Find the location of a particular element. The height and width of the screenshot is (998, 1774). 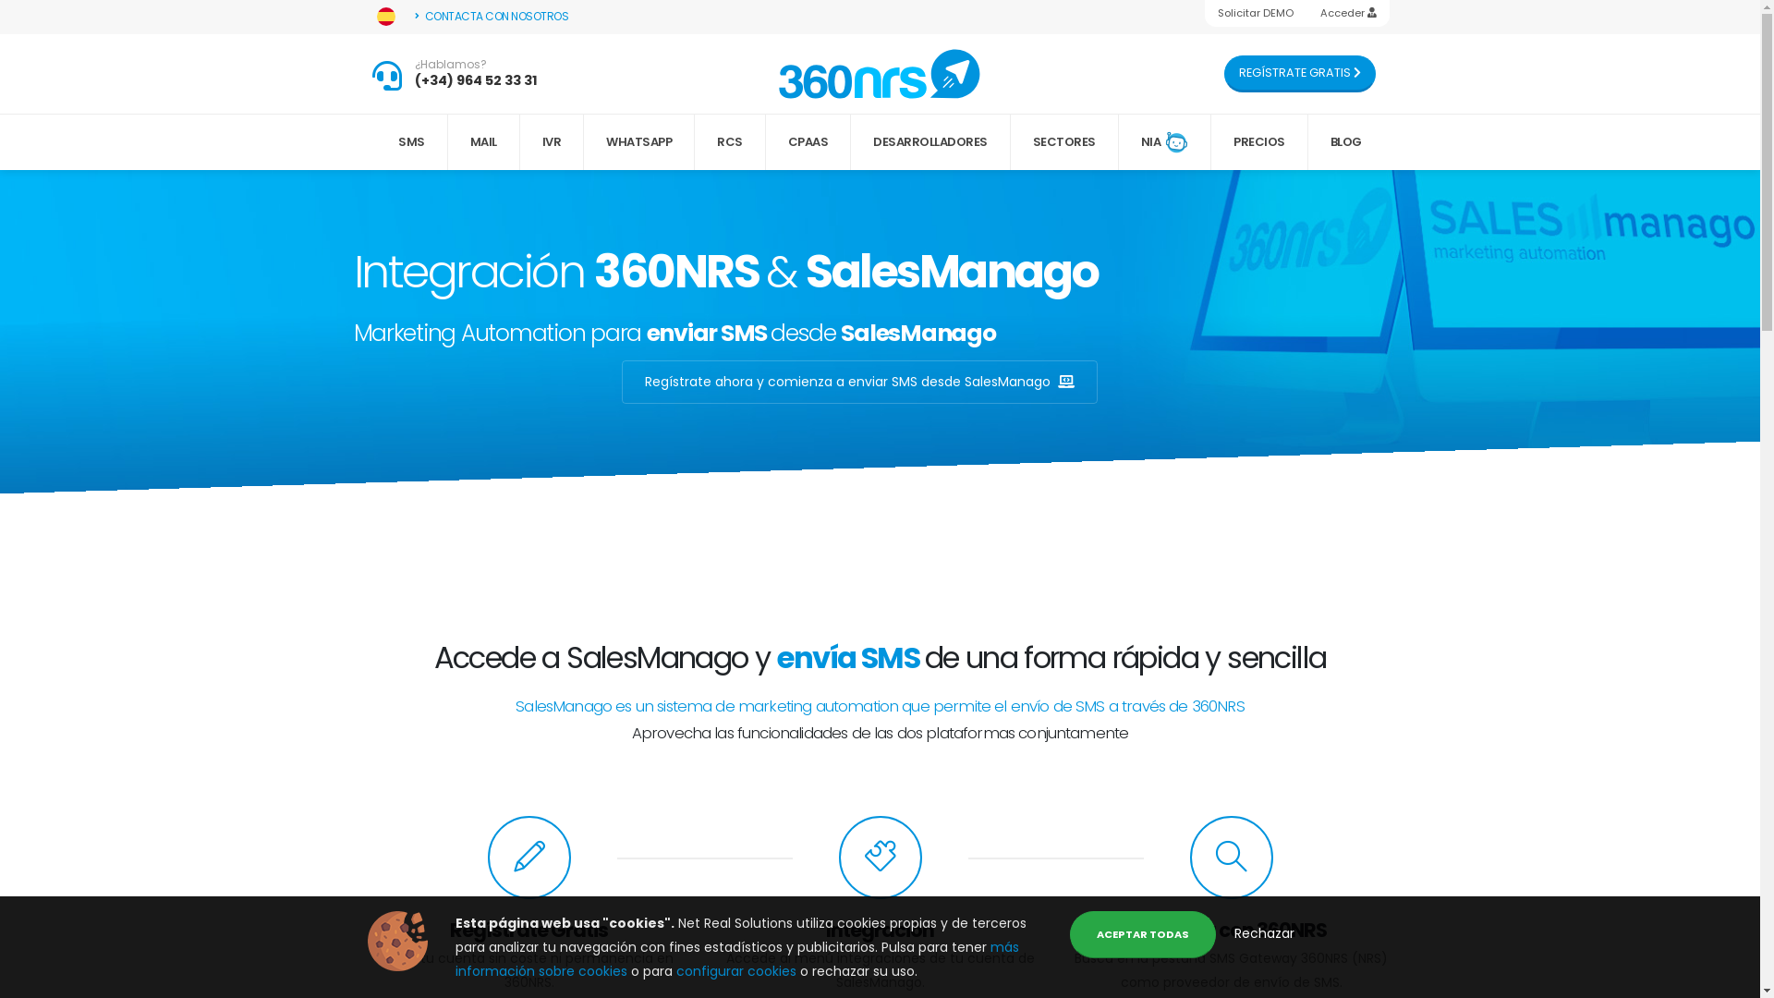

'RCS' is located at coordinates (729, 141).